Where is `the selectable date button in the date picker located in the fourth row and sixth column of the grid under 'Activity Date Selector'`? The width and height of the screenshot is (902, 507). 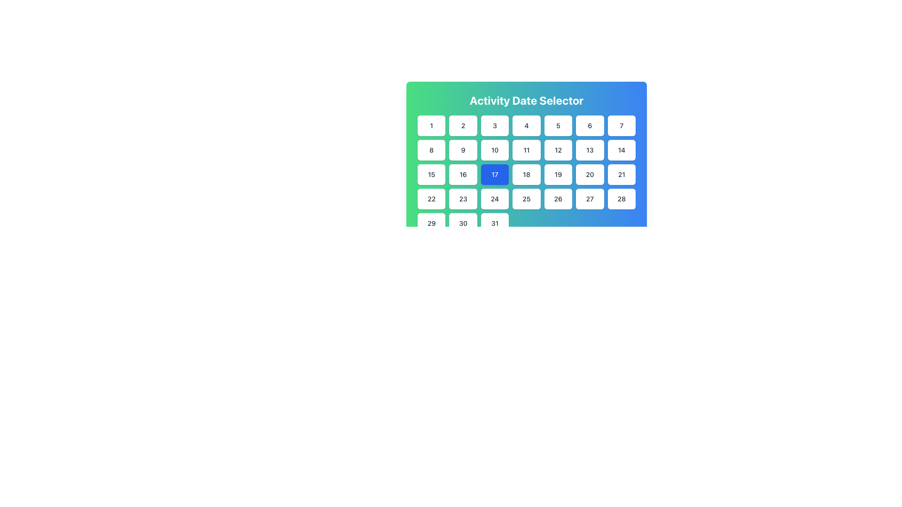
the selectable date button in the date picker located in the fourth row and sixth column of the grid under 'Activity Date Selector' is located at coordinates (589, 199).